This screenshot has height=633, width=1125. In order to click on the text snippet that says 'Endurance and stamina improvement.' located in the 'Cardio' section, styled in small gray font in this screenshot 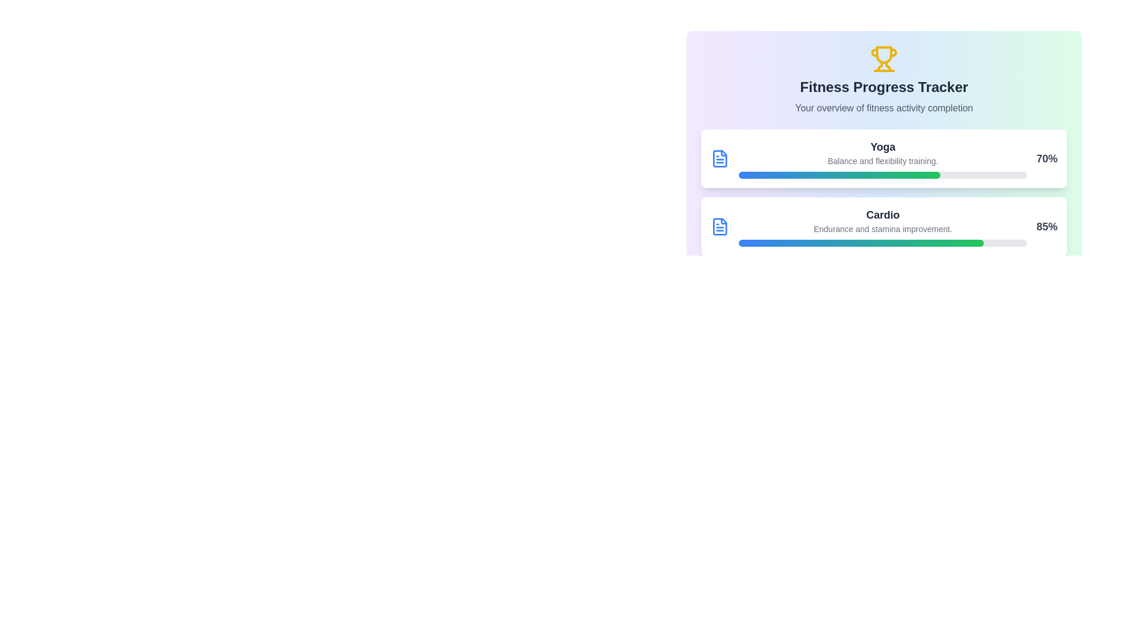, I will do `click(883, 229)`.